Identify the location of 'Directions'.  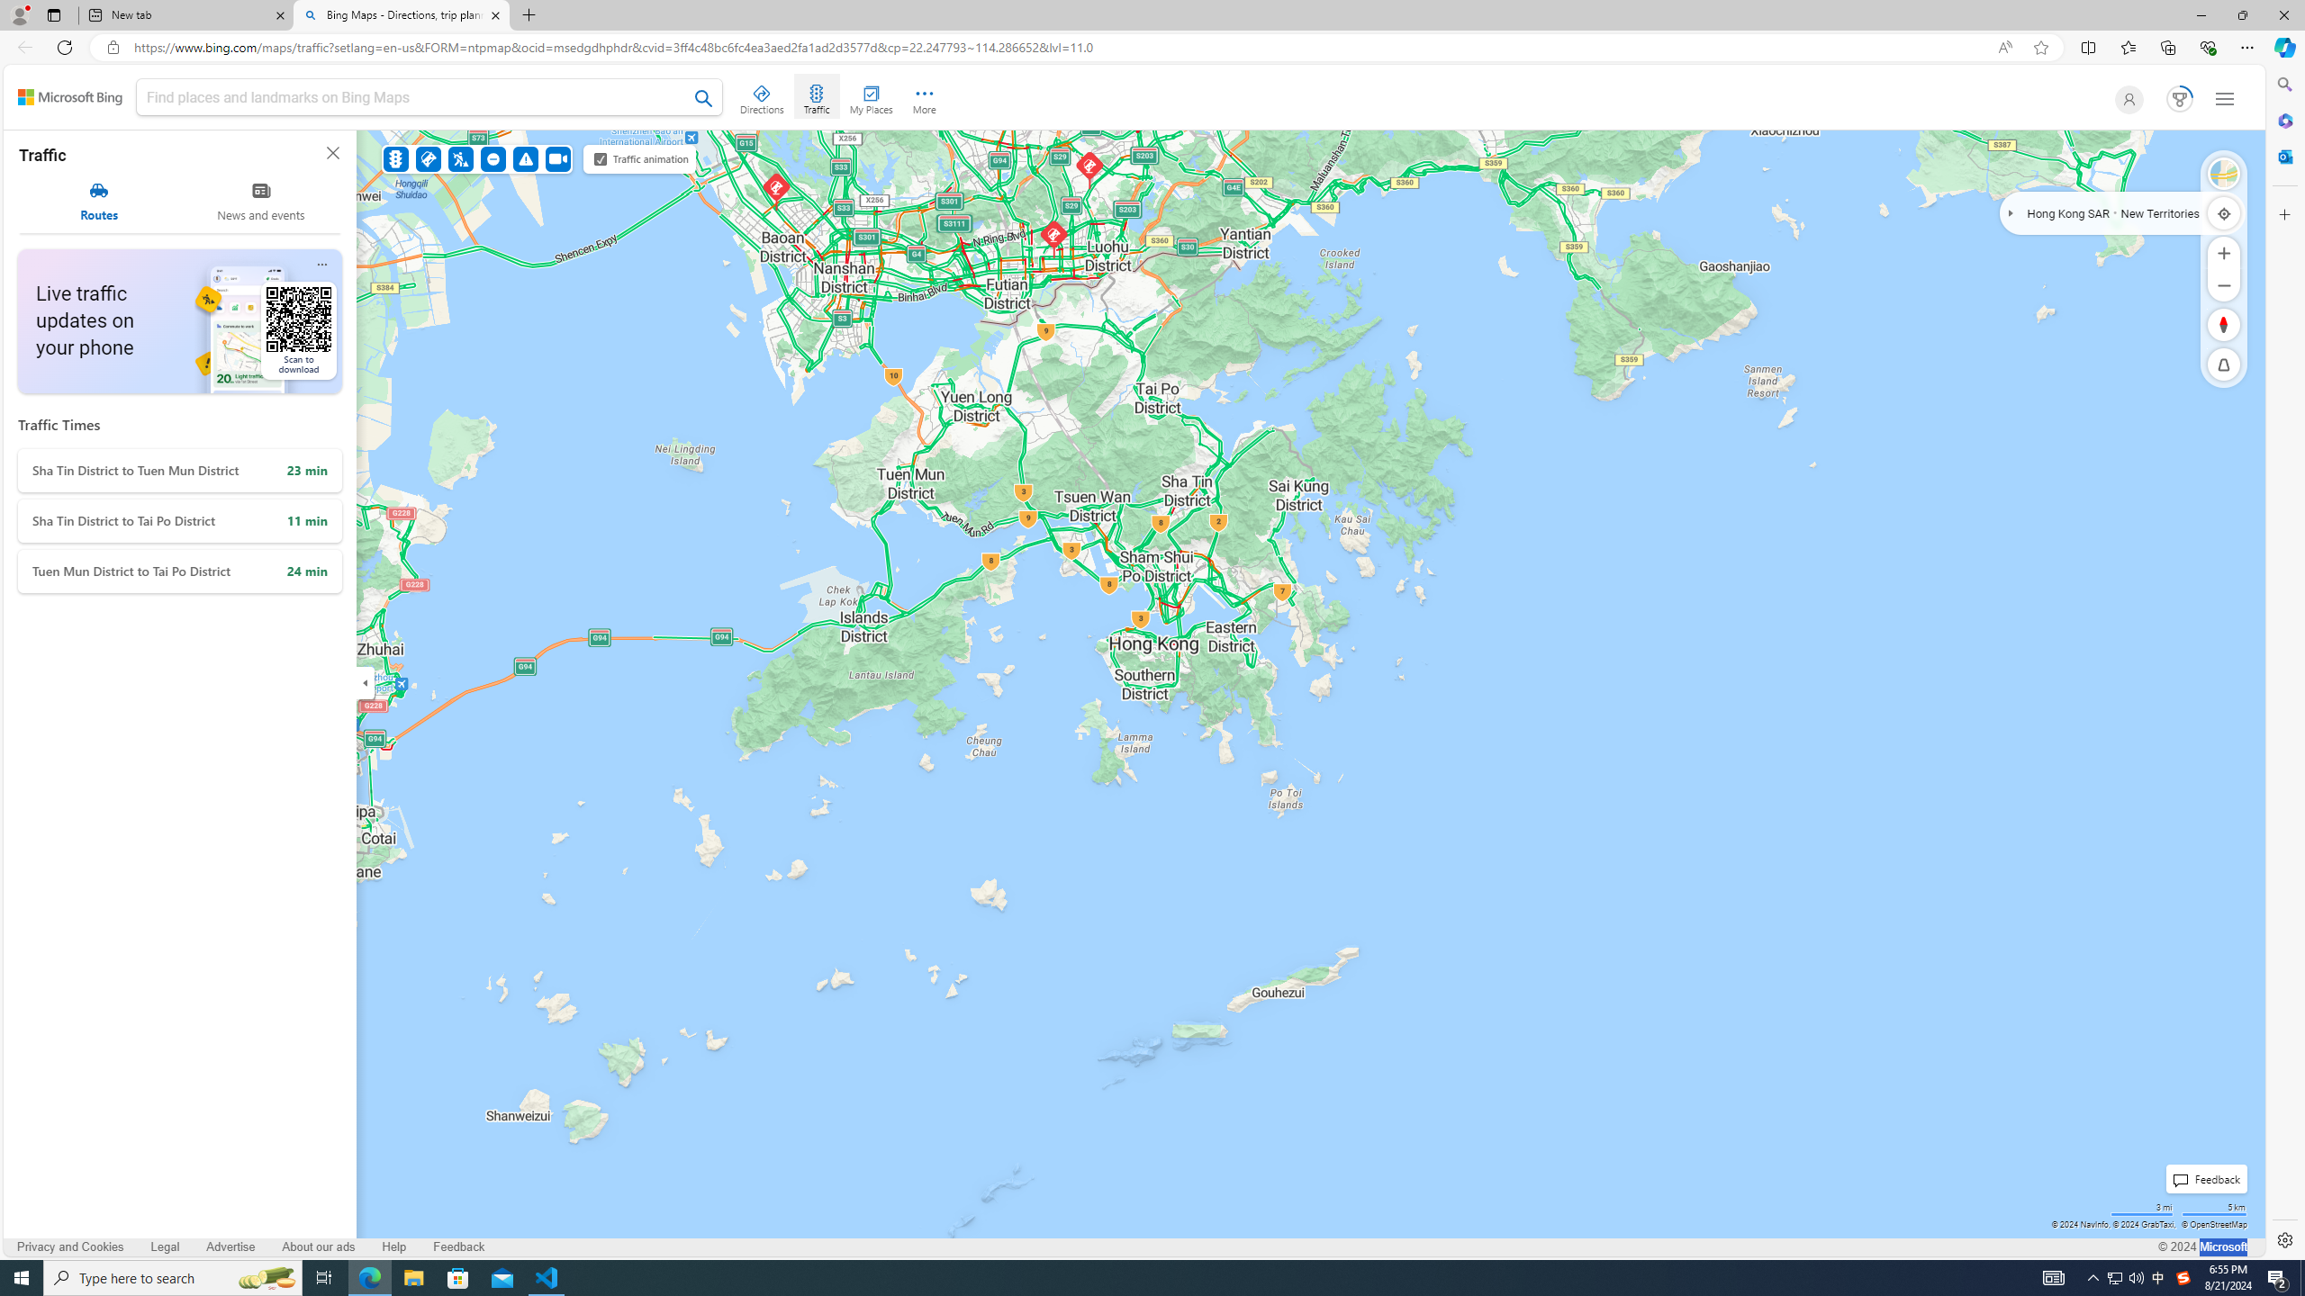
(763, 96).